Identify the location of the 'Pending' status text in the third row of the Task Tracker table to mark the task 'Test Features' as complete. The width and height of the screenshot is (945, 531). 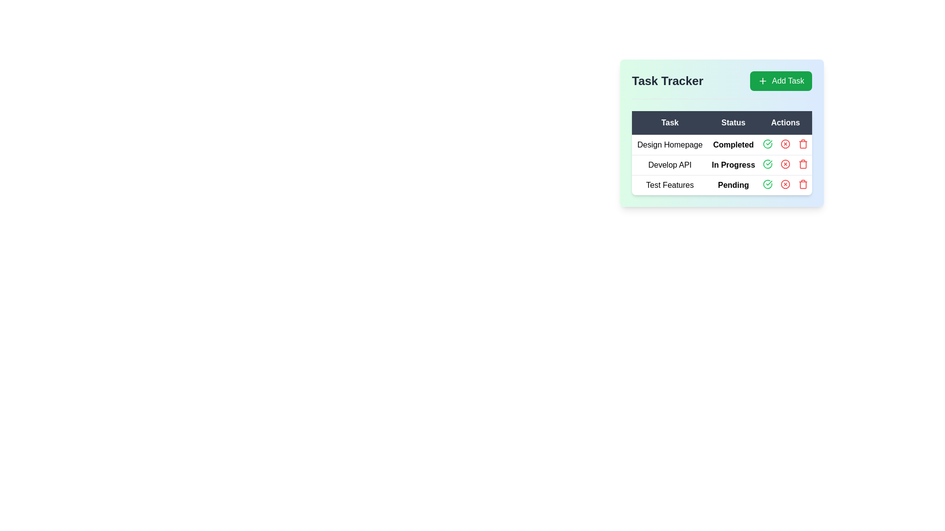
(722, 185).